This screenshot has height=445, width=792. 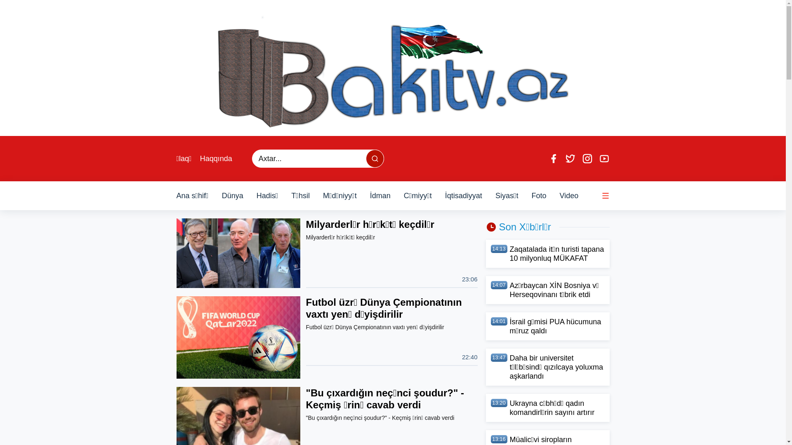 I want to click on 'Video', so click(x=559, y=195).